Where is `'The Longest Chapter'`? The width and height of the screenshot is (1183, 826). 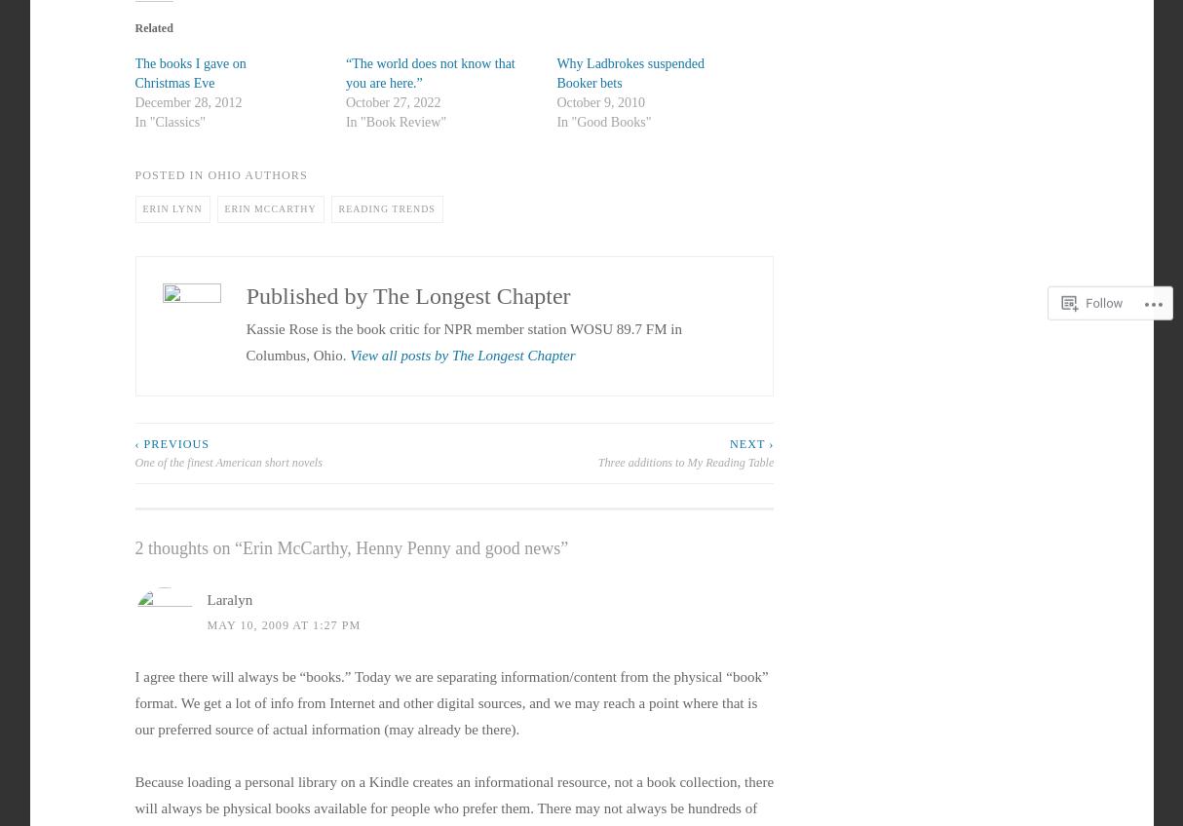
'The Longest Chapter' is located at coordinates (372, 296).